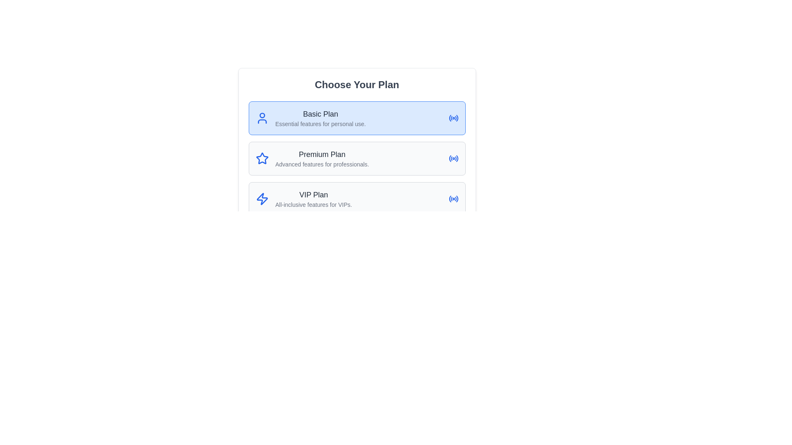  What do you see at coordinates (262, 115) in the screenshot?
I see `the Decorative SVG circle component that is part of the user-profile-themed icon for the 'Basic Plan' option, located near the top-left of the blue-highlighted rectangle` at bounding box center [262, 115].